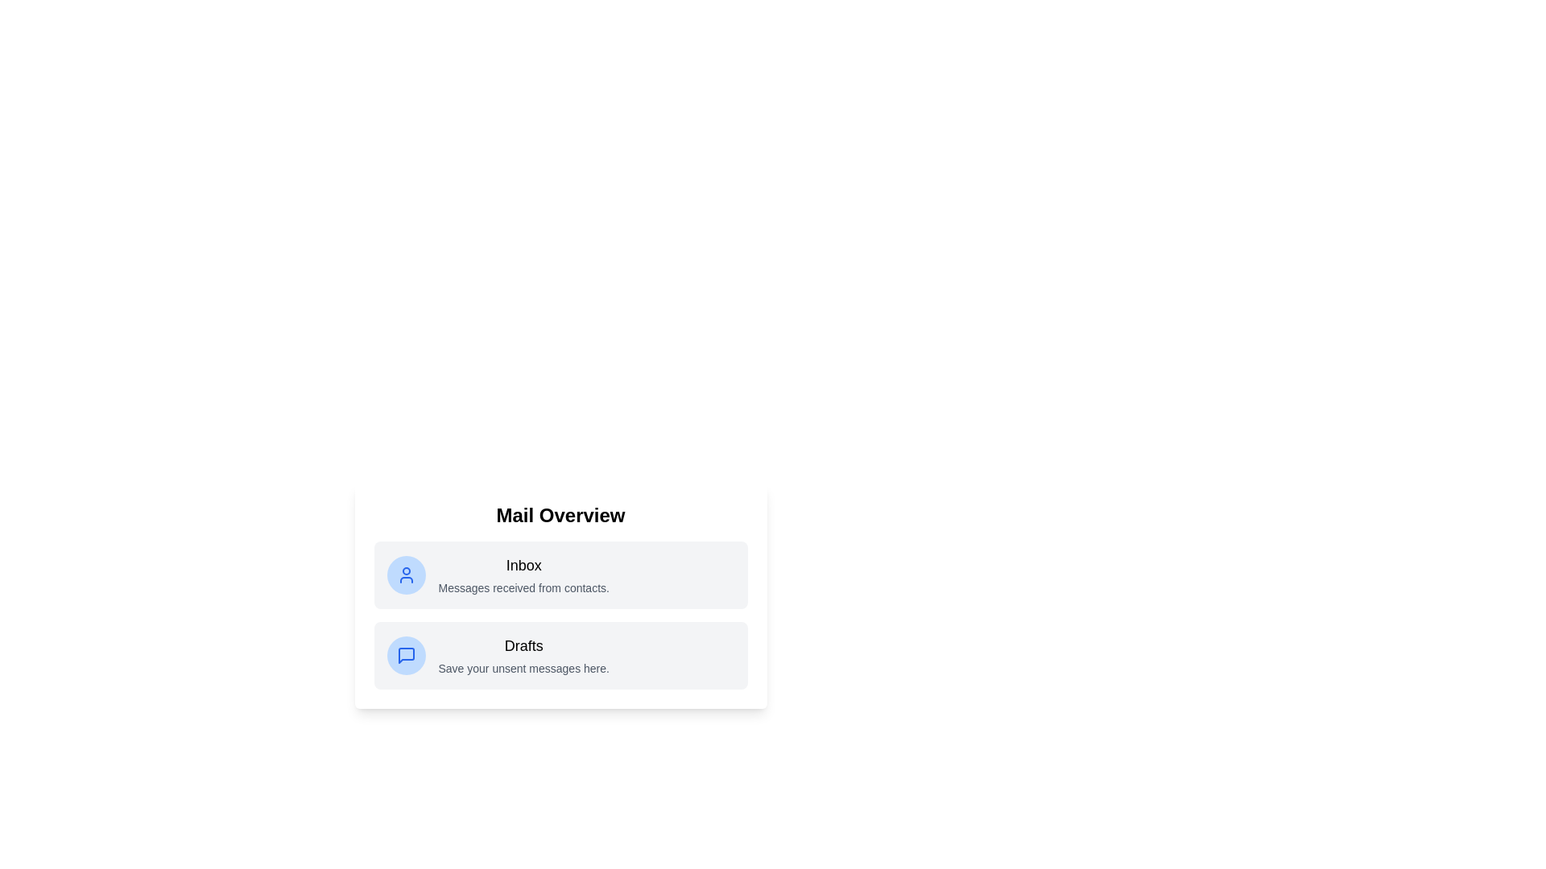 This screenshot has height=869, width=1546. Describe the element at coordinates (406, 574) in the screenshot. I see `the icon for the Inbox list item` at that location.